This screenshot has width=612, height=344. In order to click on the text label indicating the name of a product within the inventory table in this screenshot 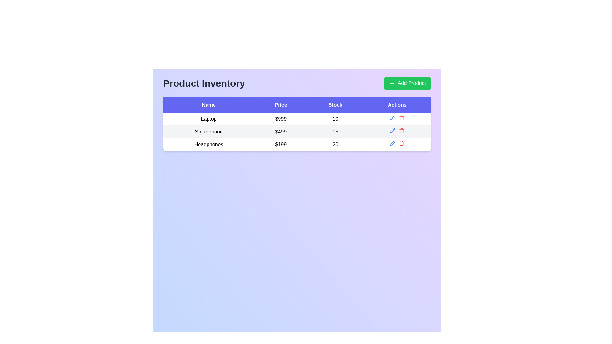, I will do `click(209, 131)`.